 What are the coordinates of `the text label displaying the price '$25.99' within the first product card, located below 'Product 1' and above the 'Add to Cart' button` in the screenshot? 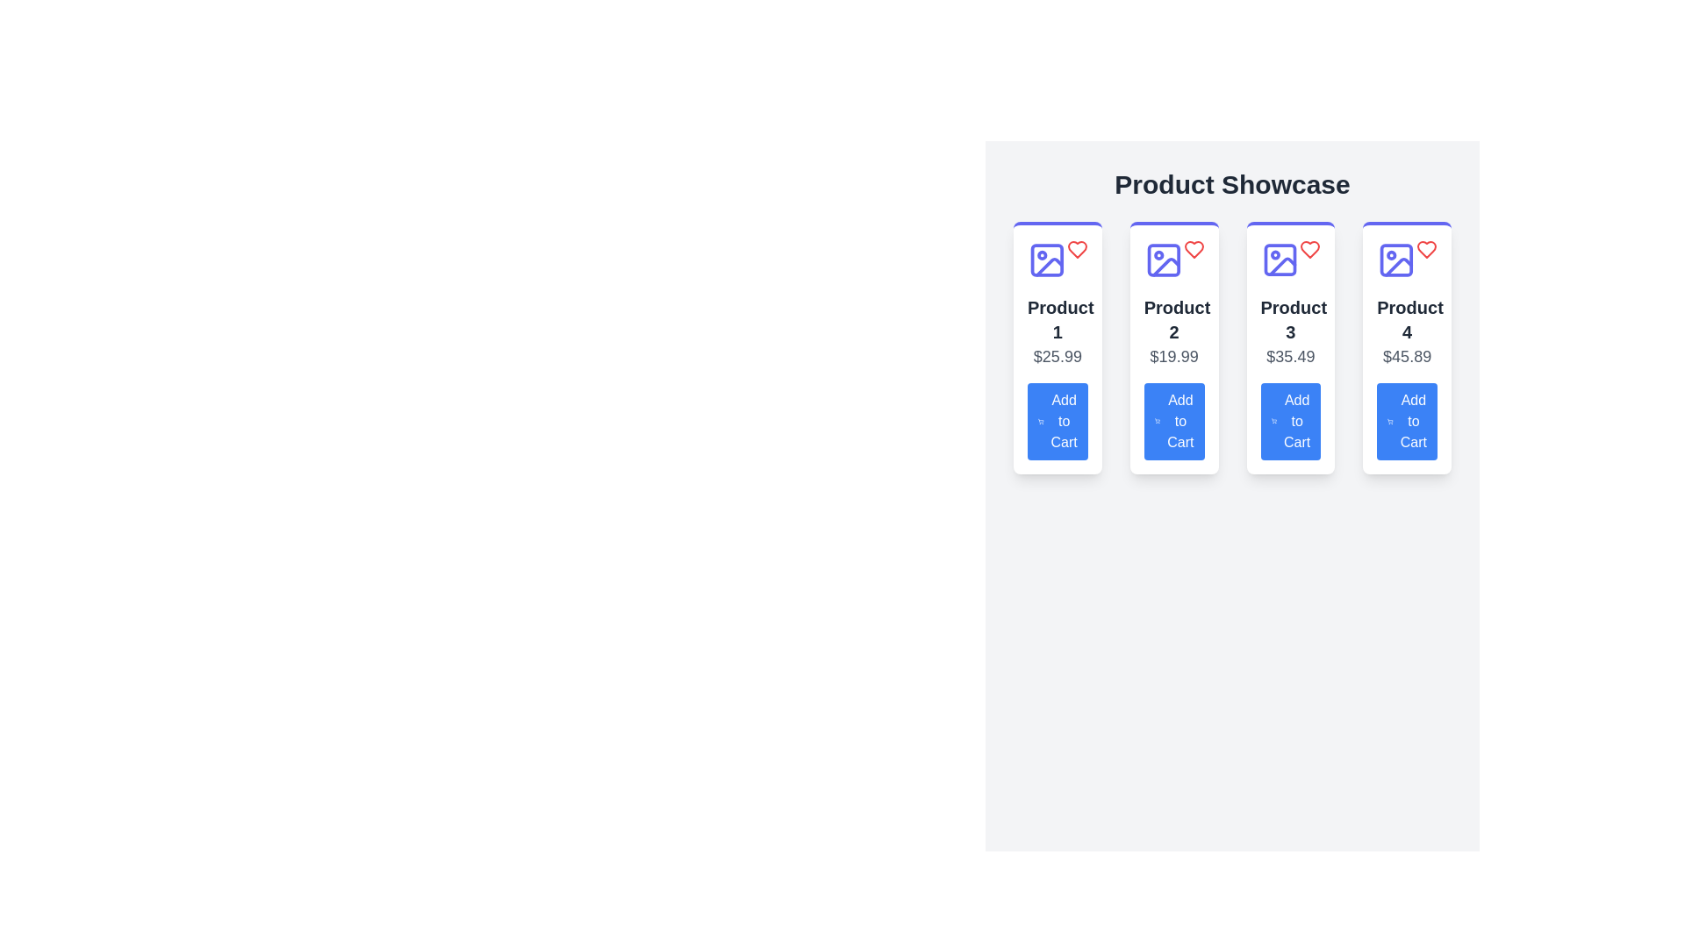 It's located at (1057, 356).